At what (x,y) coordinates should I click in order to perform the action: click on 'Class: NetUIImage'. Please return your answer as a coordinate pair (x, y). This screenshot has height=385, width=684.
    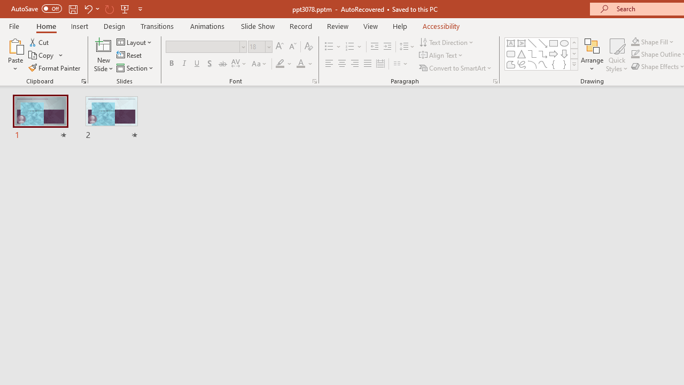
    Looking at the image, I should click on (574, 64).